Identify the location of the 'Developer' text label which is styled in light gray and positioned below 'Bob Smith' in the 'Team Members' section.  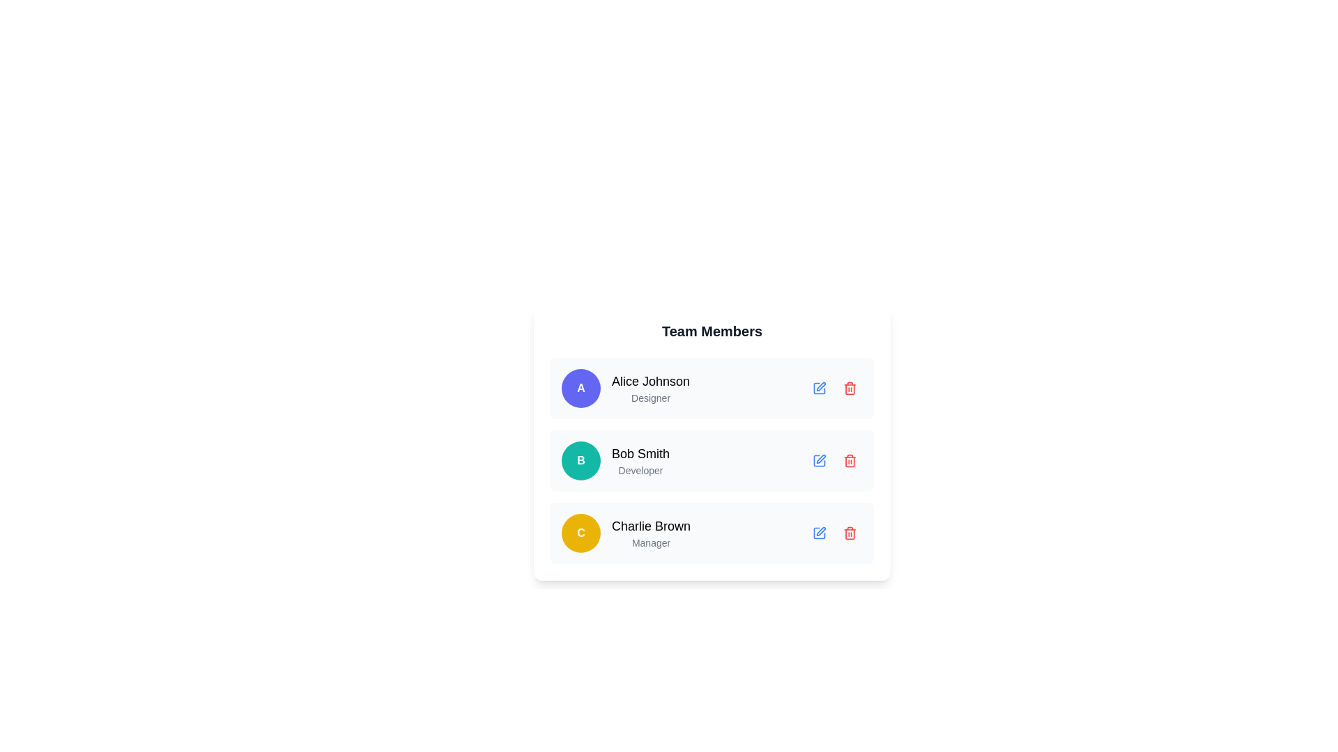
(640, 470).